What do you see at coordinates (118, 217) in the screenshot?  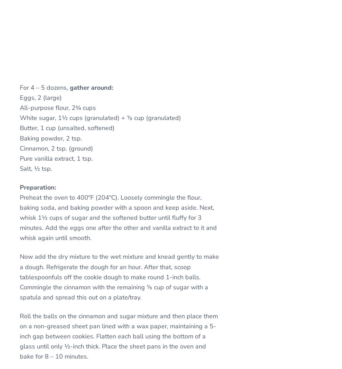 I see `'Preheat the oven to 400ºF (204ºC). Loosely commingle the flour, baking soda, and baking powder with a spoon and keep aside. Next, whisk 1½ cups of sugar and the softened butter until fluffy for 3 minutes. Add the eggs one after the other and vanilla extract to it and whisk again until smooth.'` at bounding box center [118, 217].